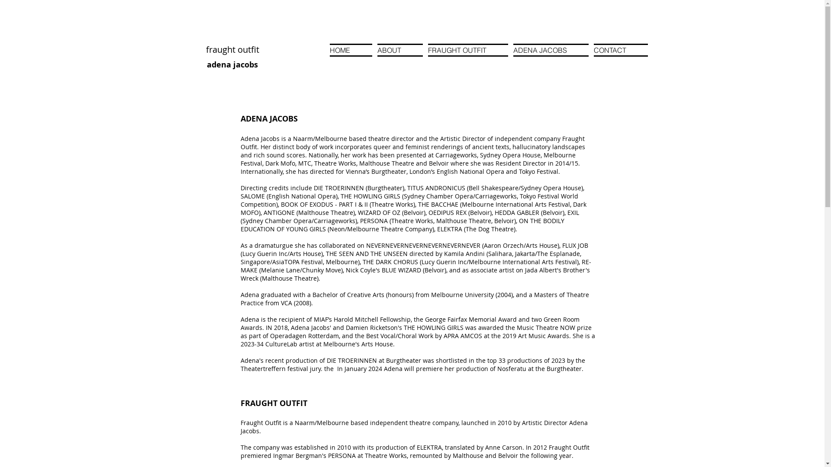  I want to click on 'HOME', so click(329, 50).